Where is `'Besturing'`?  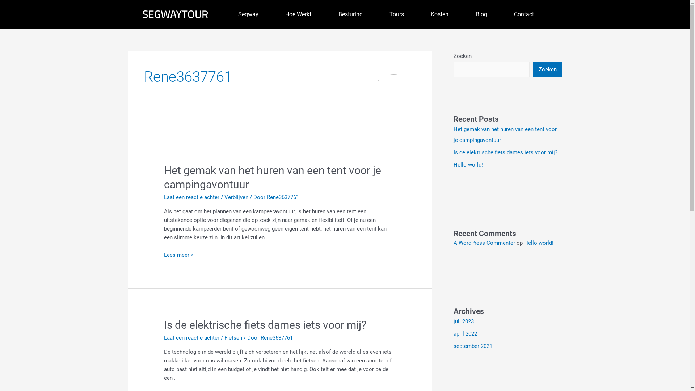
'Besturing' is located at coordinates (324, 14).